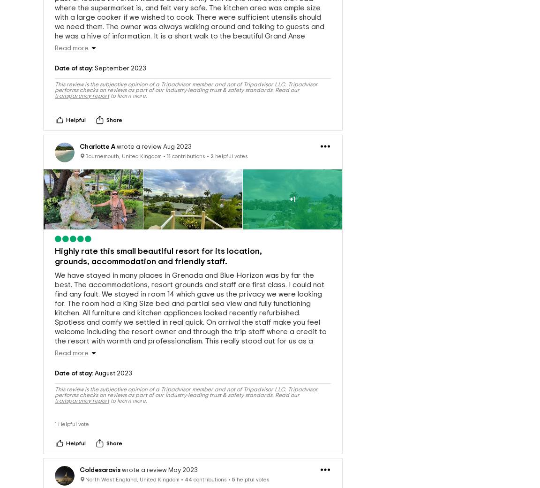  I want to click on 'September 2023', so click(120, 71).